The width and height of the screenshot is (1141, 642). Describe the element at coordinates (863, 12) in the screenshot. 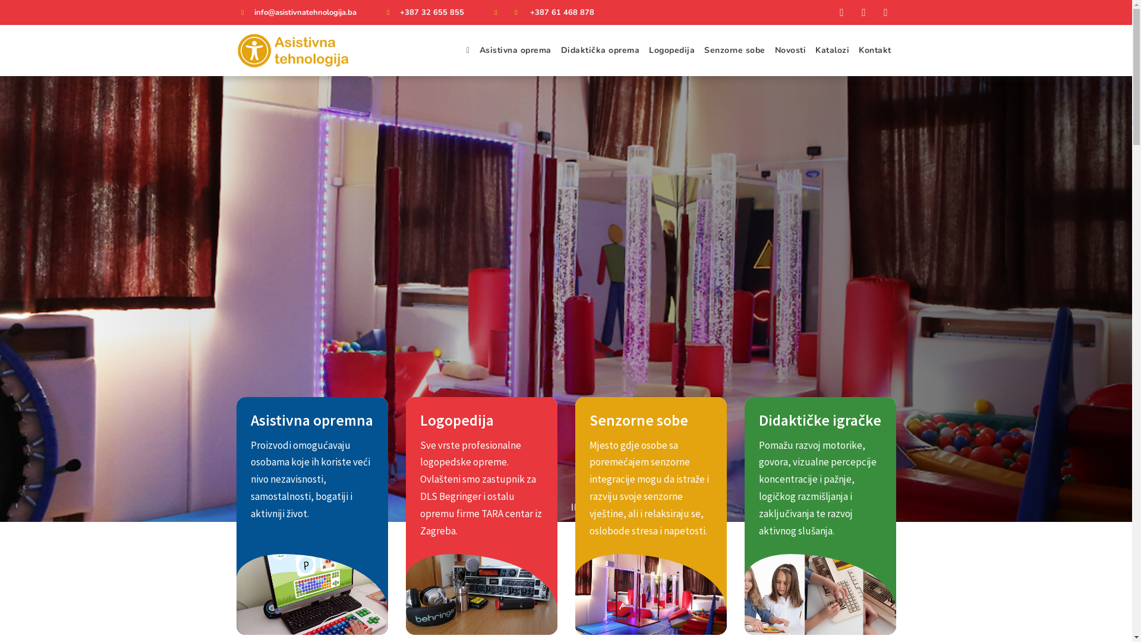

I see `'Viber'` at that location.